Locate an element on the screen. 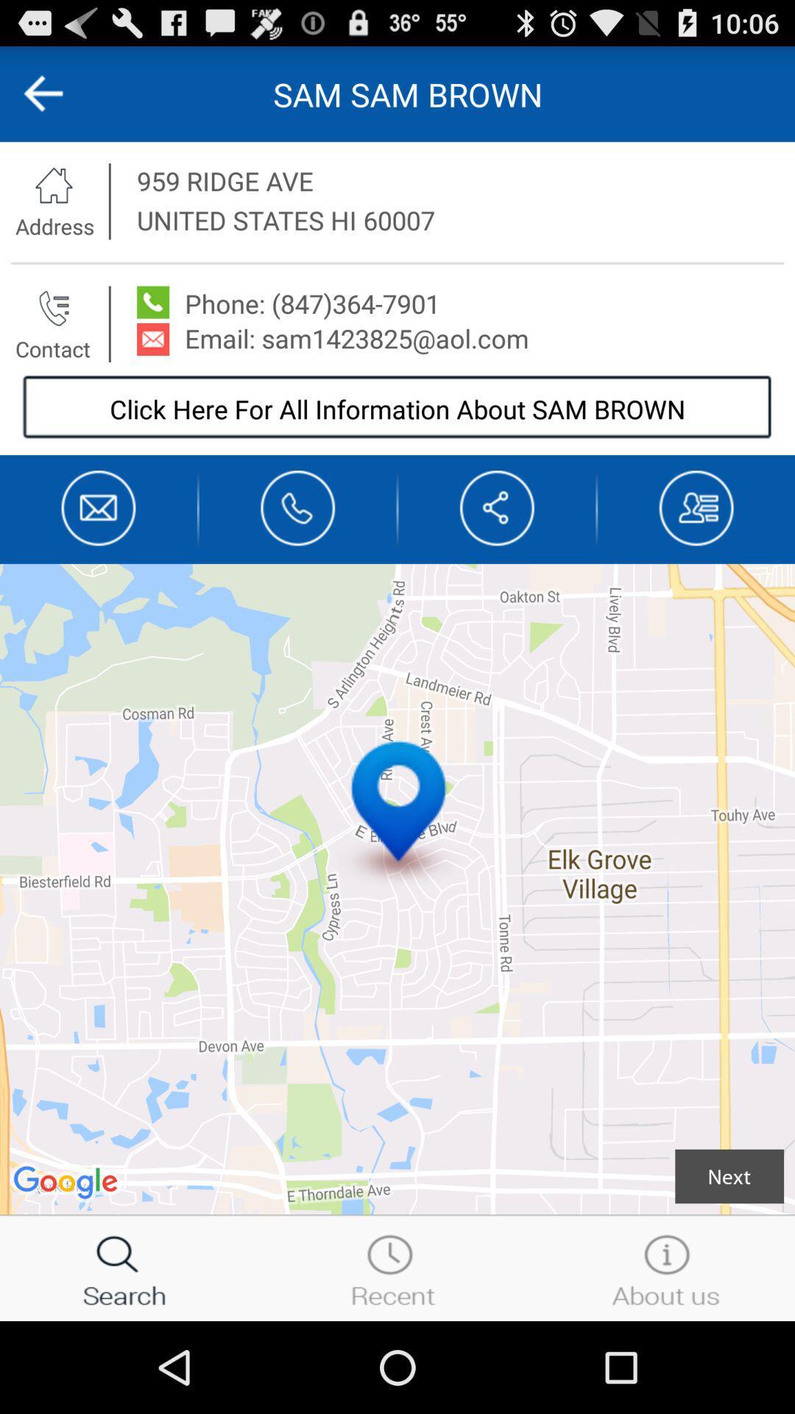  the arrow_backward icon is located at coordinates (57, 99).